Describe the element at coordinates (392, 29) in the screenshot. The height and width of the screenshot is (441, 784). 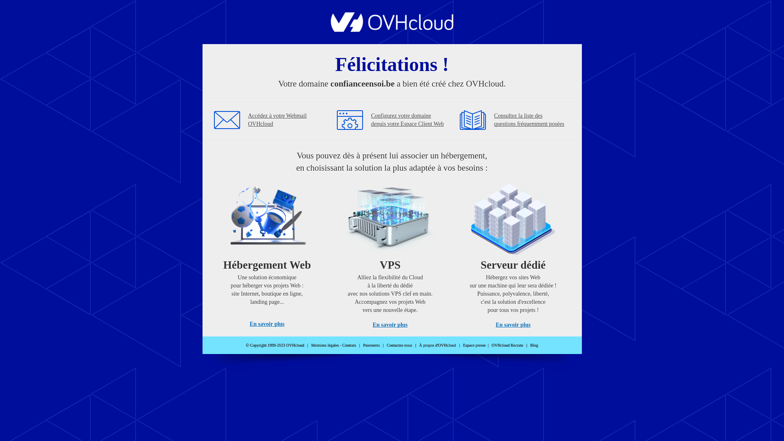
I see `'OVHcloud'` at that location.